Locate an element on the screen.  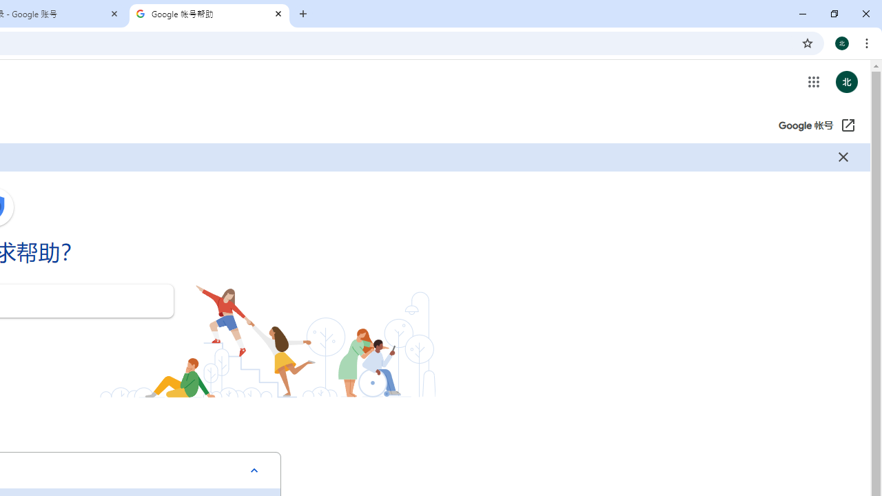
'Restore' is located at coordinates (833, 14).